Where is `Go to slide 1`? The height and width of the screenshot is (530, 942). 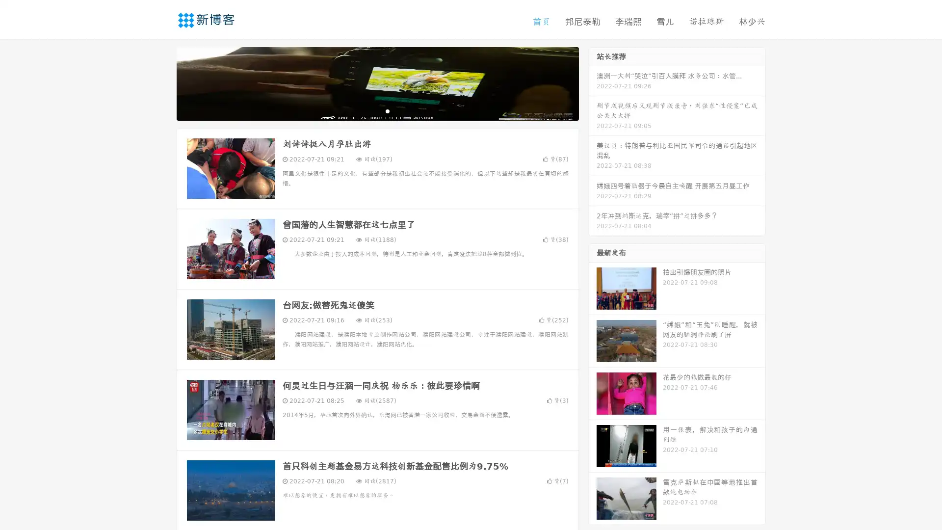 Go to slide 1 is located at coordinates (367, 110).